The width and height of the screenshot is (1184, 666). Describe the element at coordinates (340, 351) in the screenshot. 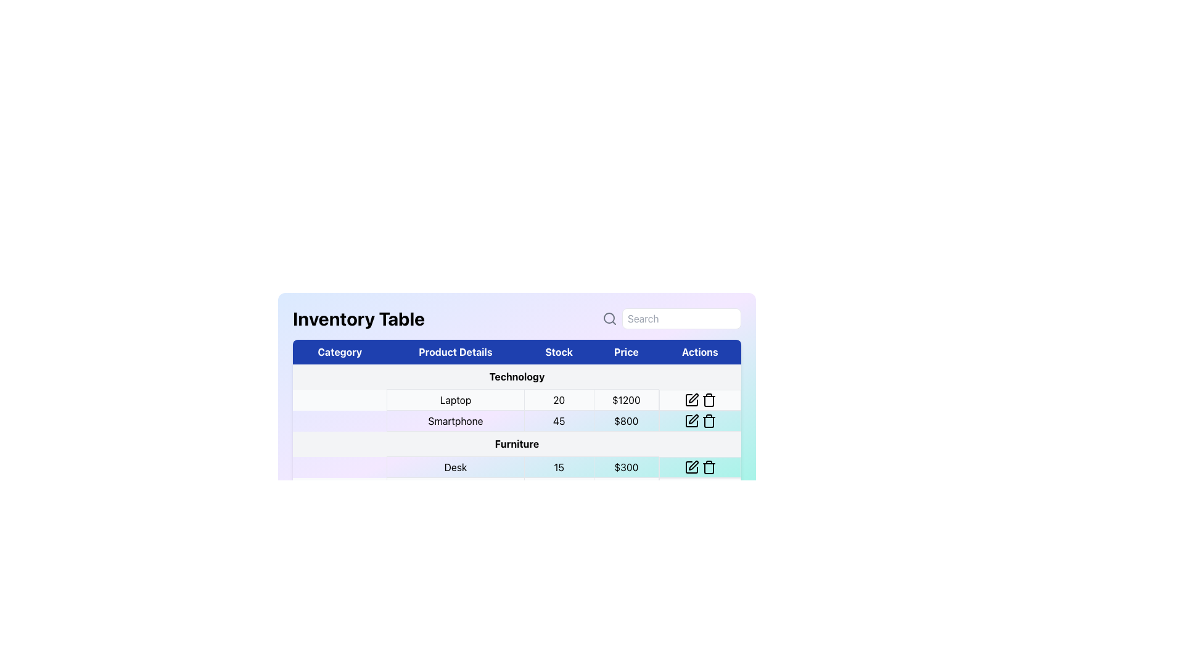

I see `the 'Category' table header, which is the first header in the sequence with bold, white text on a dark blue background, located in the topmost row of the table` at that location.